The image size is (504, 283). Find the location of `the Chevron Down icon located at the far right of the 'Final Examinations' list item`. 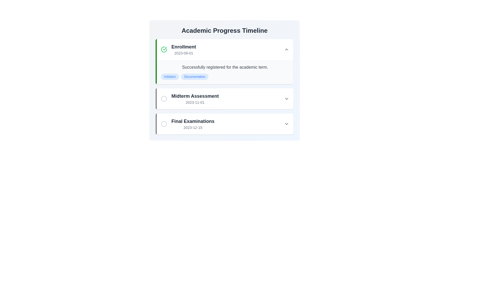

the Chevron Down icon located at the far right of the 'Final Examinations' list item is located at coordinates (286, 124).